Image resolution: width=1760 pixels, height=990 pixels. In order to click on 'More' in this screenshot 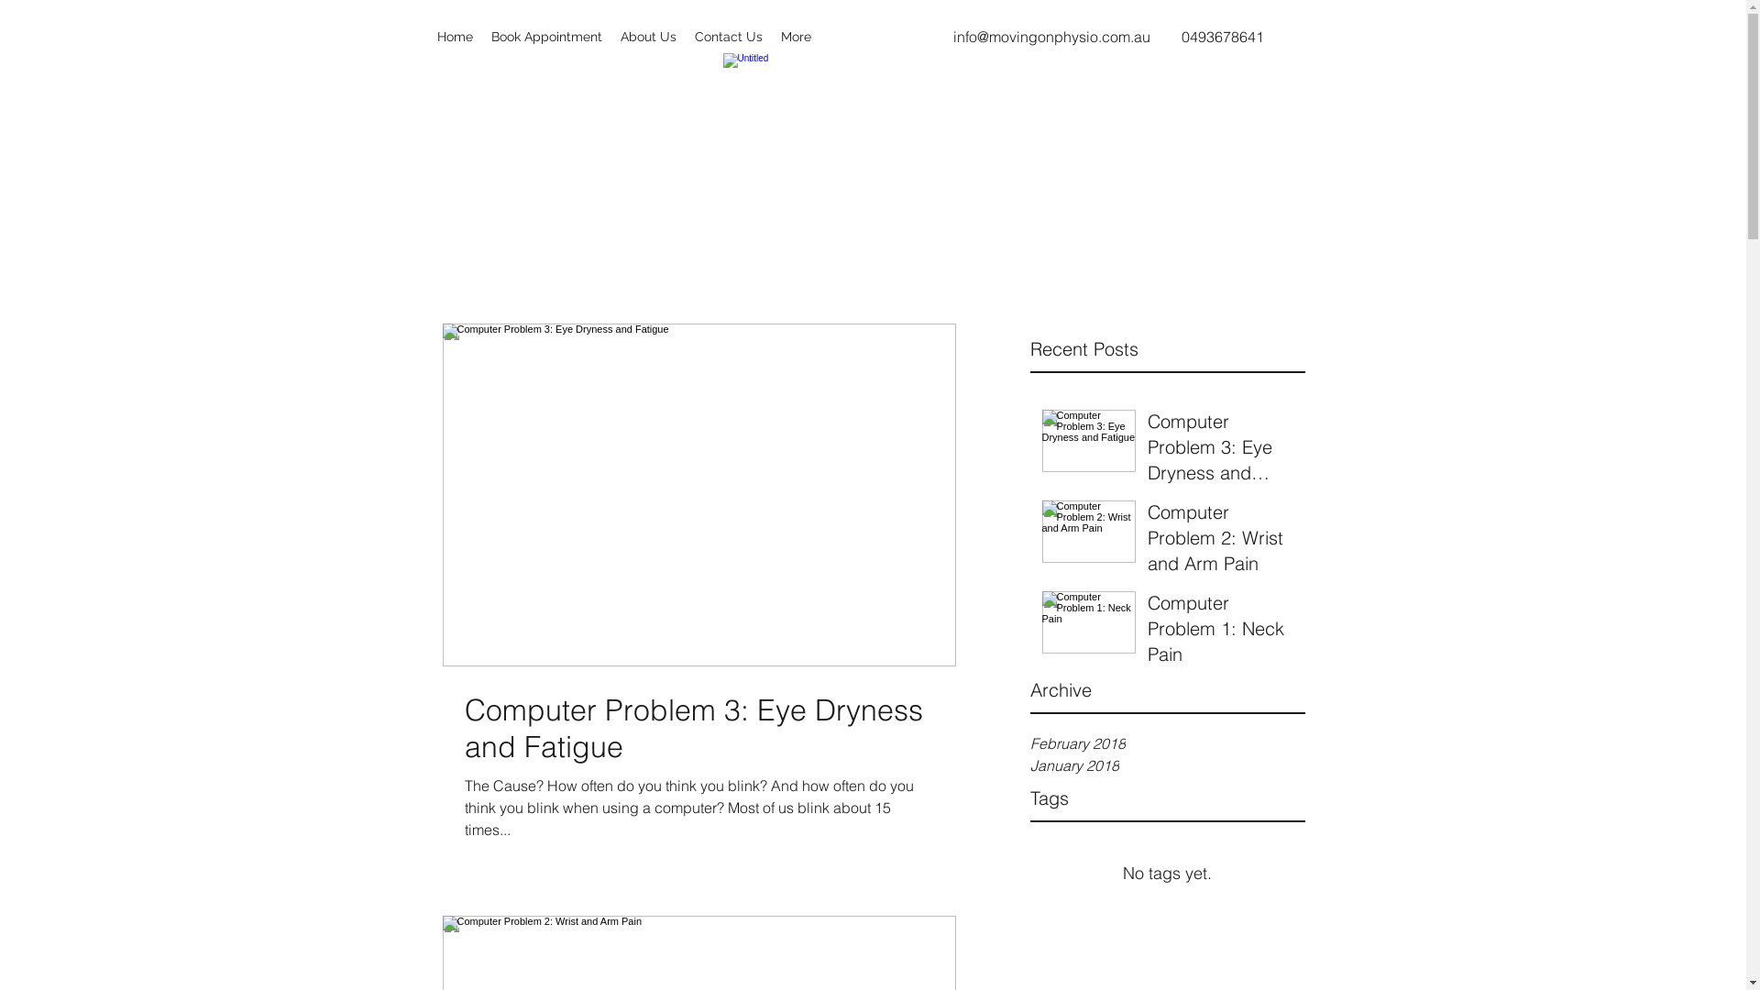, I will do `click(796, 36)`.